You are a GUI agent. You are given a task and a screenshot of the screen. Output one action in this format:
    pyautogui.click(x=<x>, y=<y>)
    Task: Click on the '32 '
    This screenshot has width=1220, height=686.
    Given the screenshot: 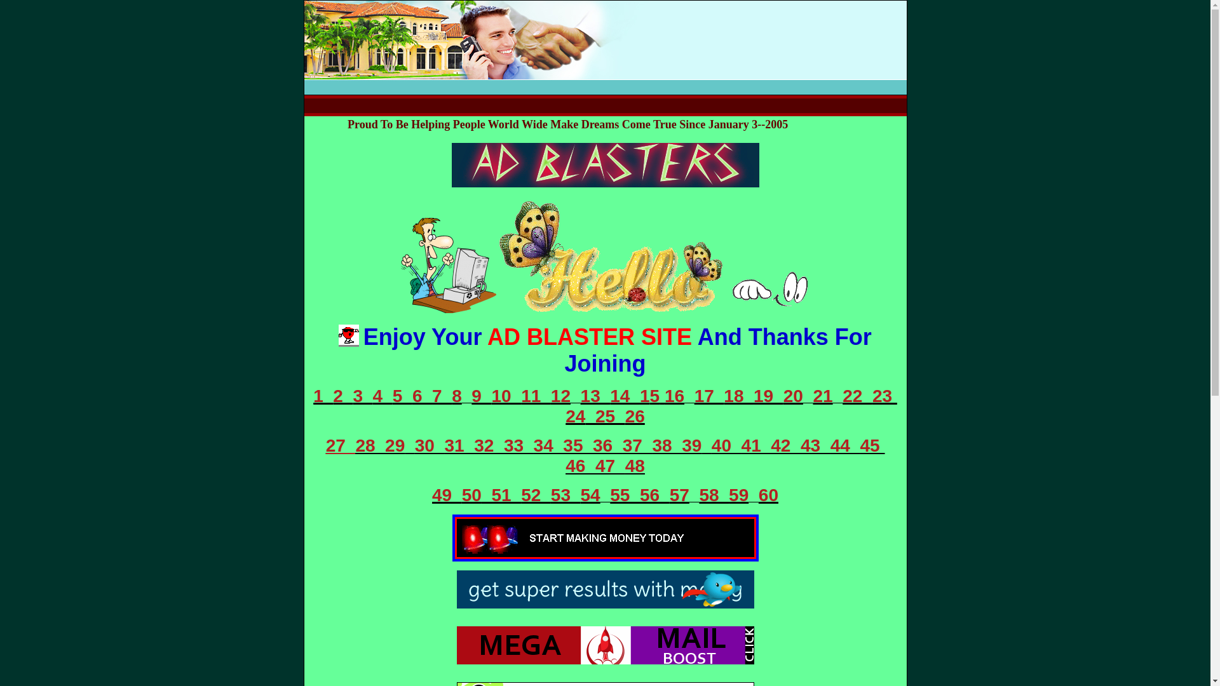 What is the action you would take?
    pyautogui.click(x=488, y=445)
    